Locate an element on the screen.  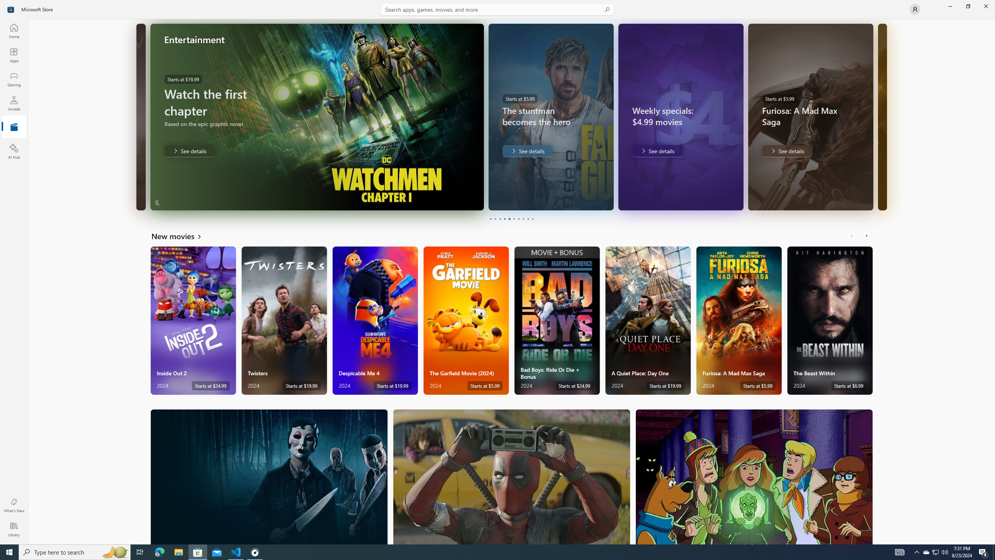
'Page 7' is located at coordinates (518, 219).